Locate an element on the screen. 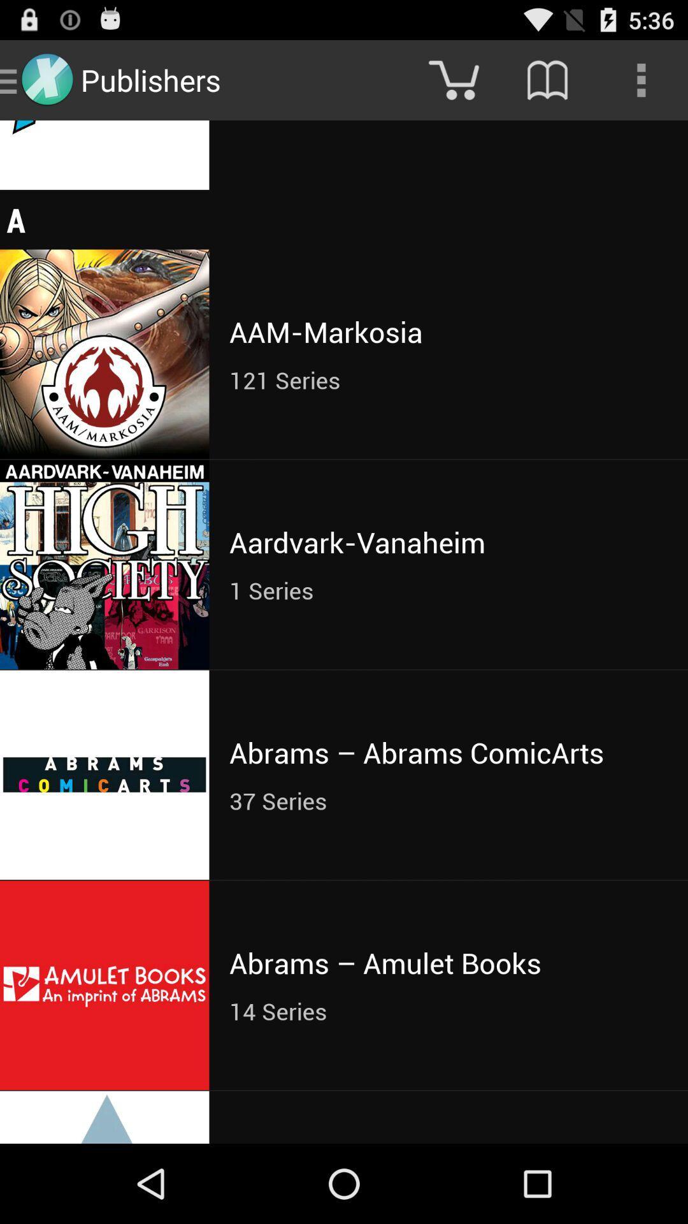  icon above 16 series item is located at coordinates (641, 79).